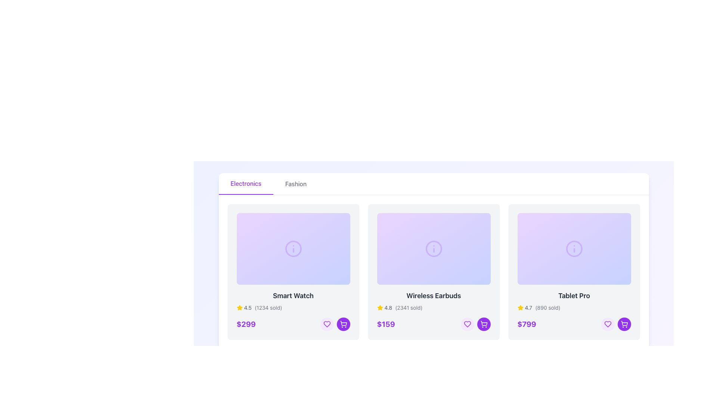  Describe the element at coordinates (608, 324) in the screenshot. I see `the heart icon located at the bottom right corner of the details card for 'Tablet Pro'` at that location.